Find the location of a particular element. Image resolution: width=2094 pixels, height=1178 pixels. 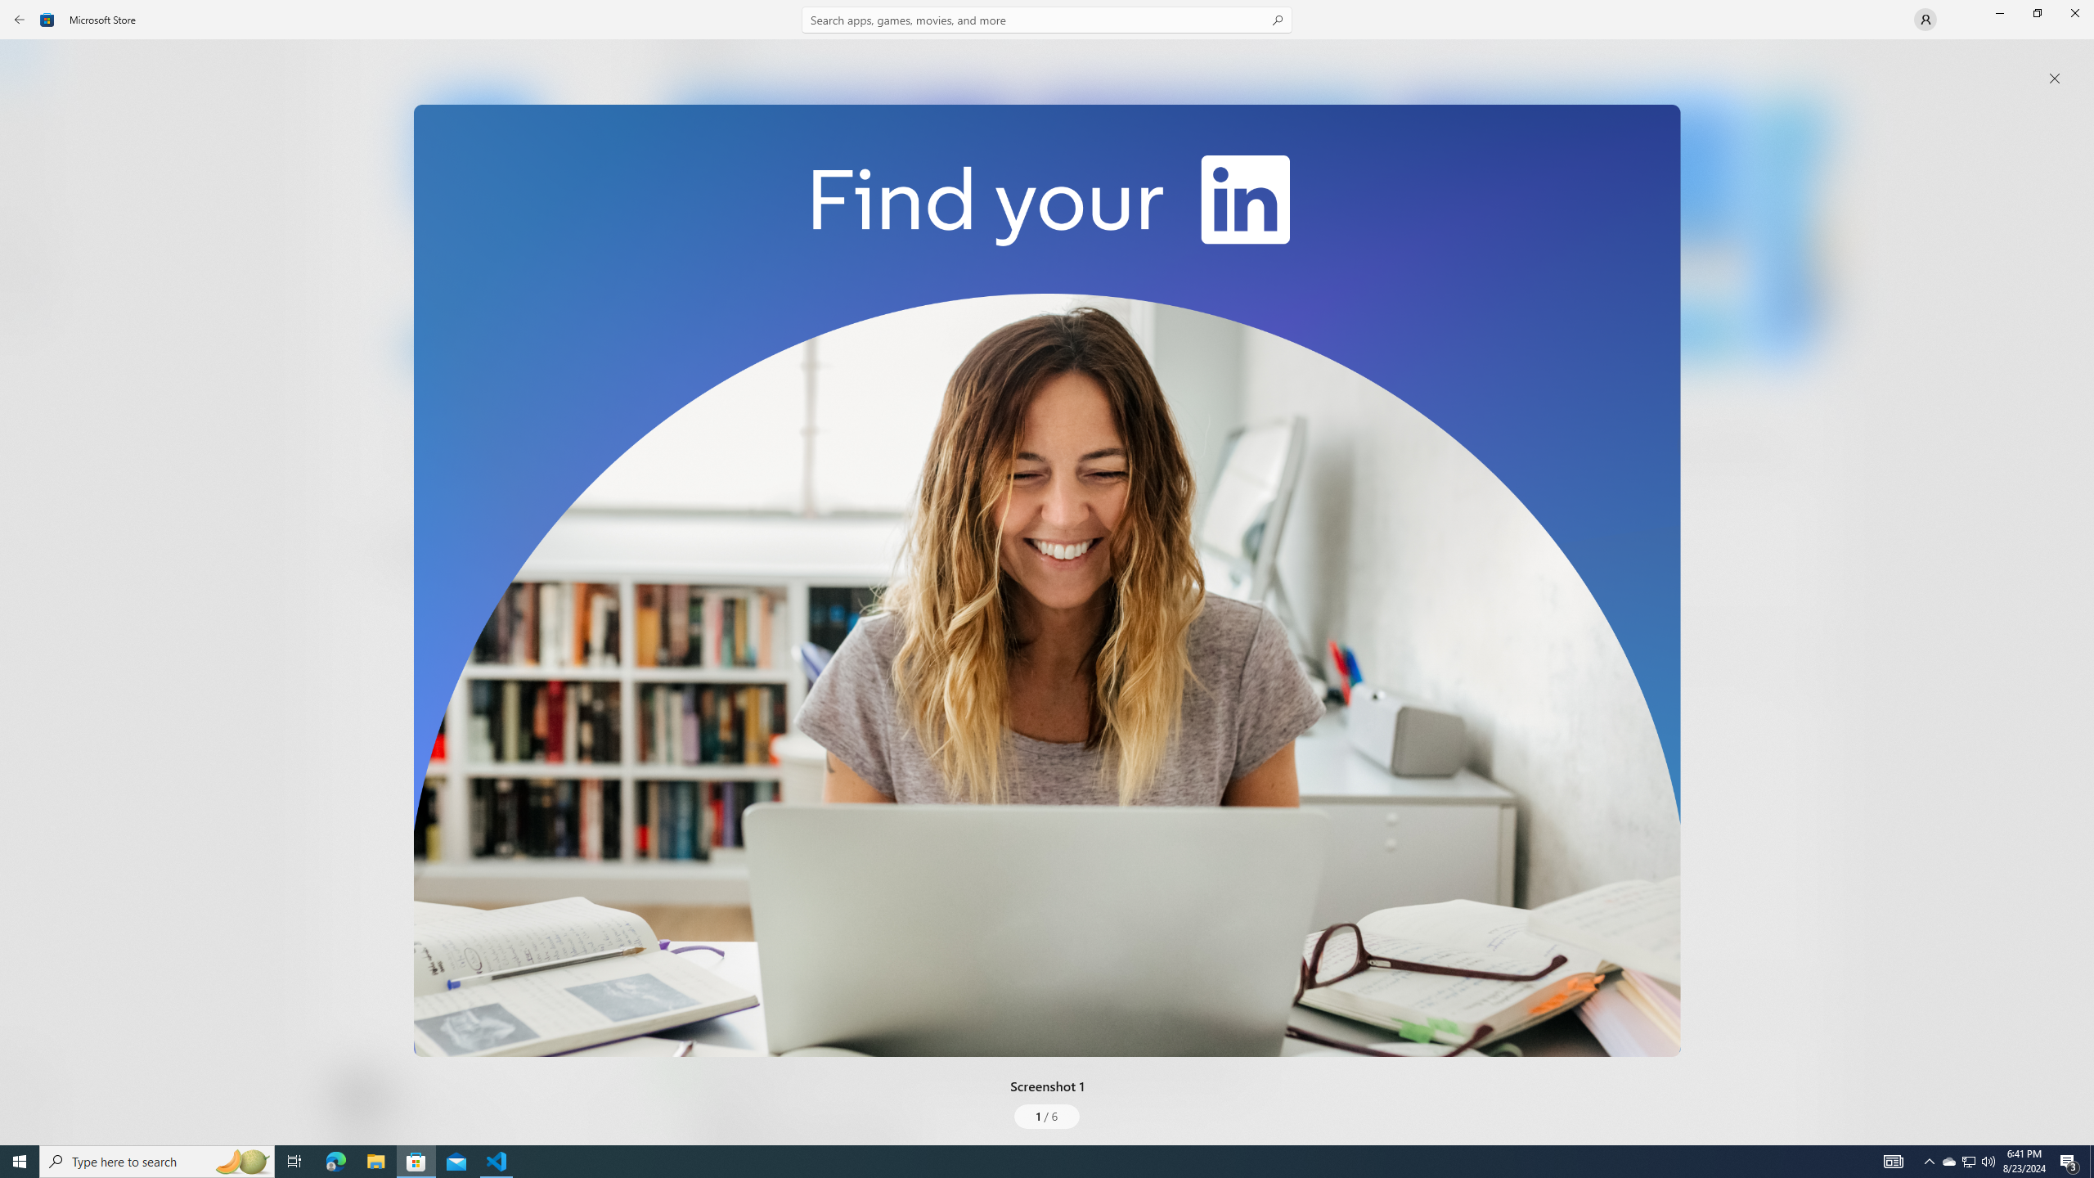

'close popup window' is located at coordinates (2054, 78).